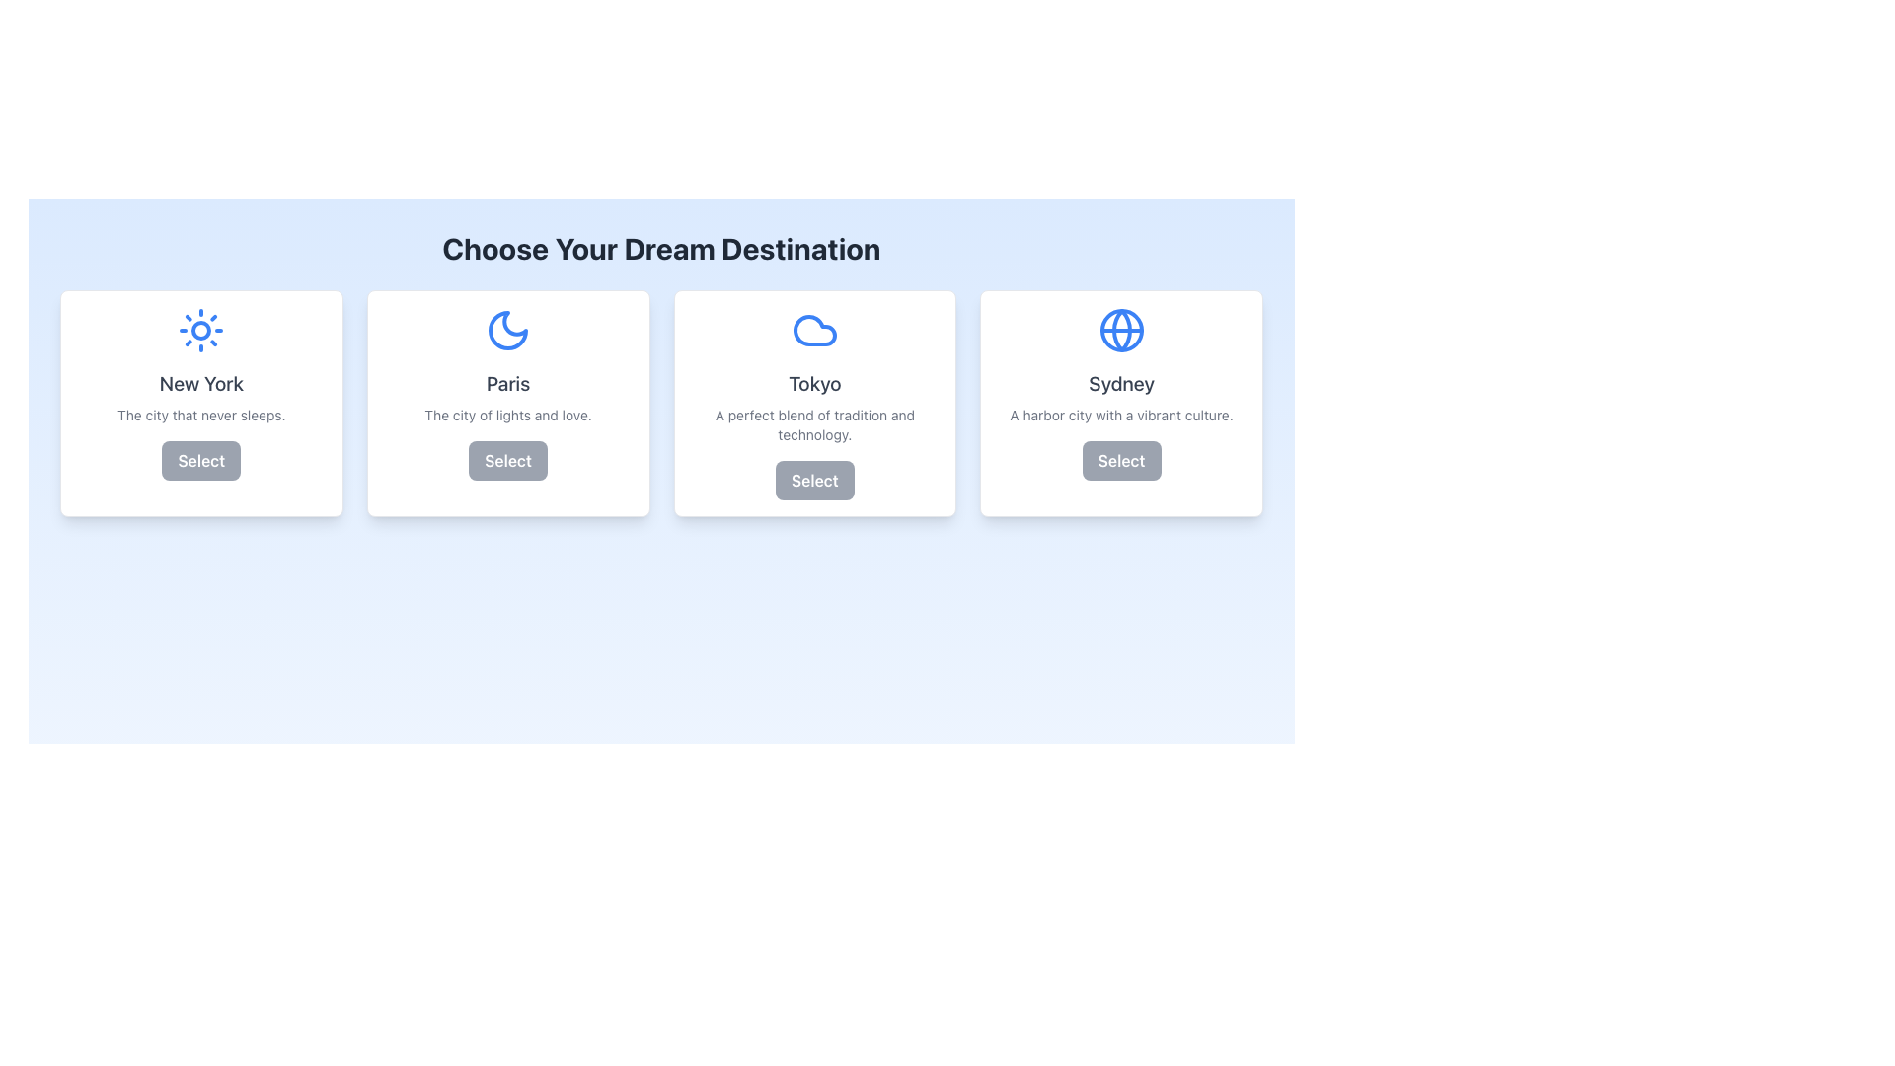 Image resolution: width=1895 pixels, height=1066 pixels. I want to click on the descriptive text label beneath the heading 'Sydney' in the fourth card, which highlights the location's characteristics and is positioned above the 'Select' button, so click(1121, 414).